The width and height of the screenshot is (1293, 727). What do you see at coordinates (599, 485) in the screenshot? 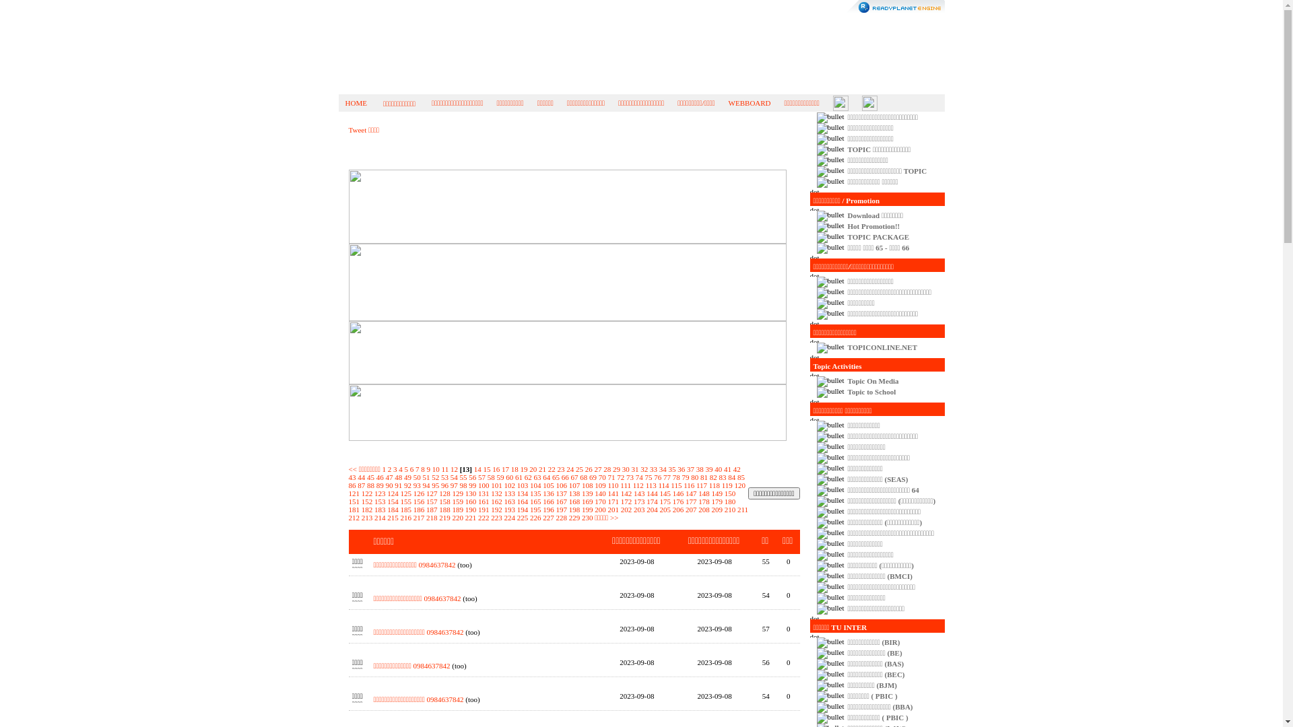
I see `'109'` at bounding box center [599, 485].